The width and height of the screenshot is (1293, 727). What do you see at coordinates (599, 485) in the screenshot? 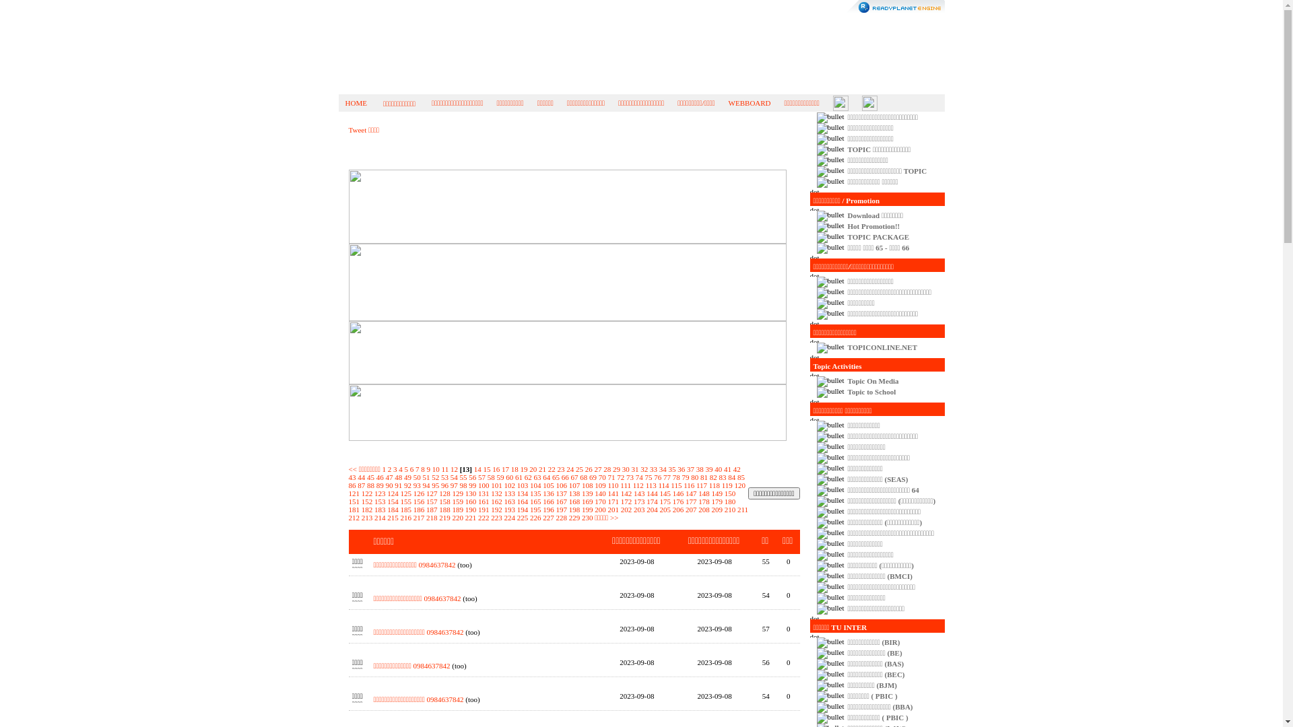
I see `'109'` at bounding box center [599, 485].